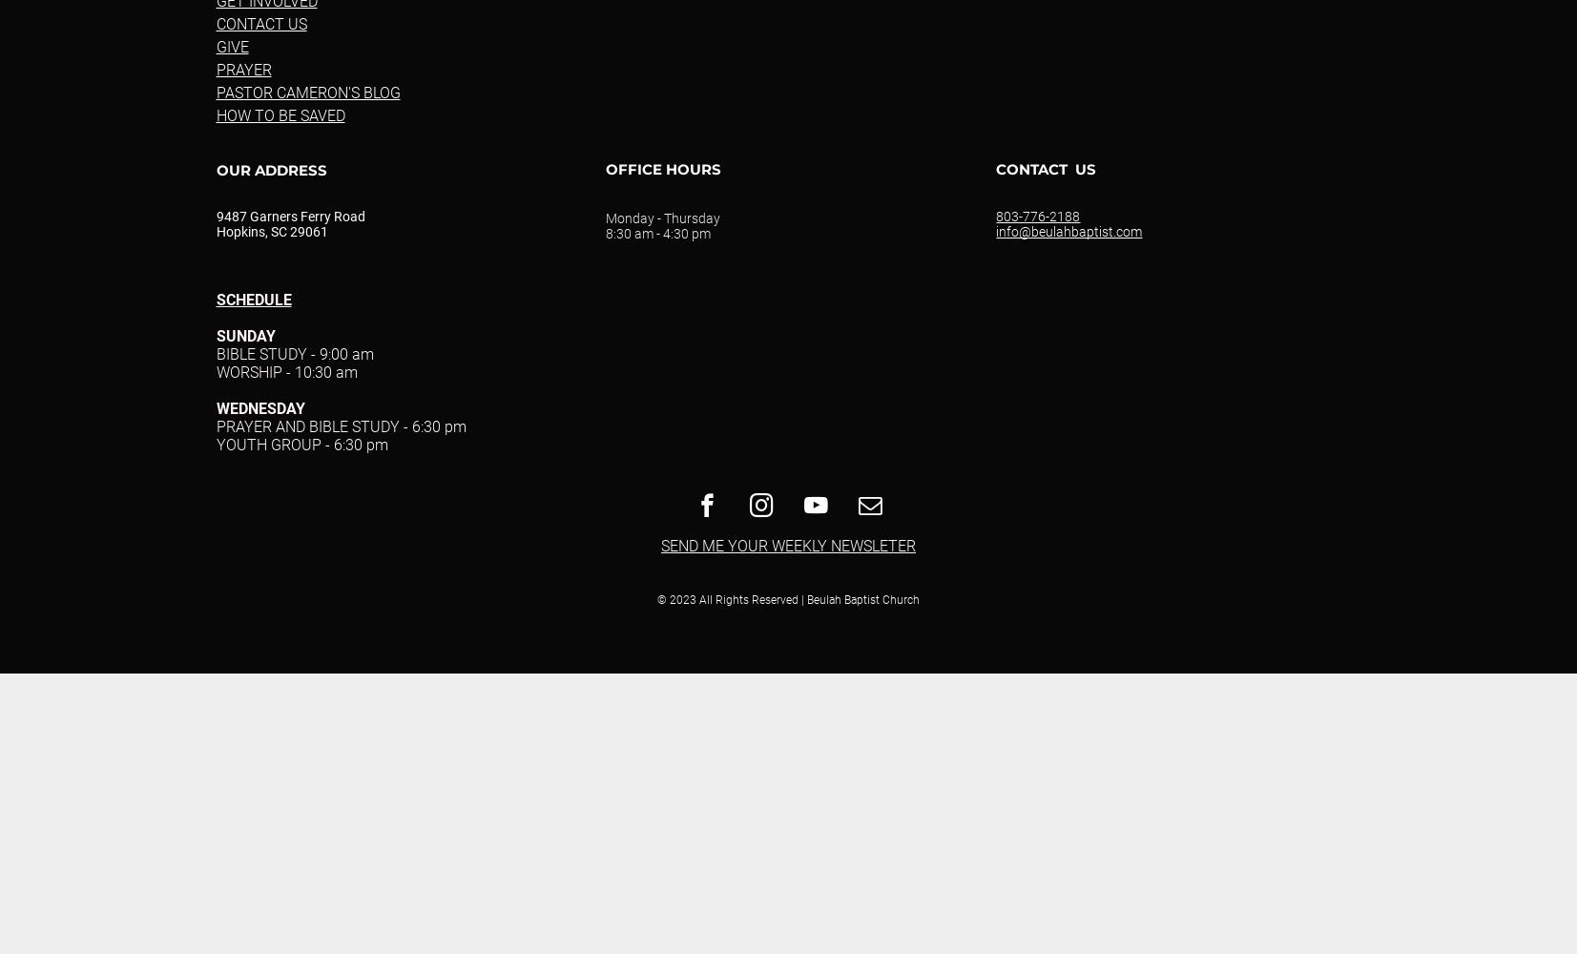 The width and height of the screenshot is (1577, 954). What do you see at coordinates (214, 353) in the screenshot?
I see `'BIBLE STUDY - 9:00 am'` at bounding box center [214, 353].